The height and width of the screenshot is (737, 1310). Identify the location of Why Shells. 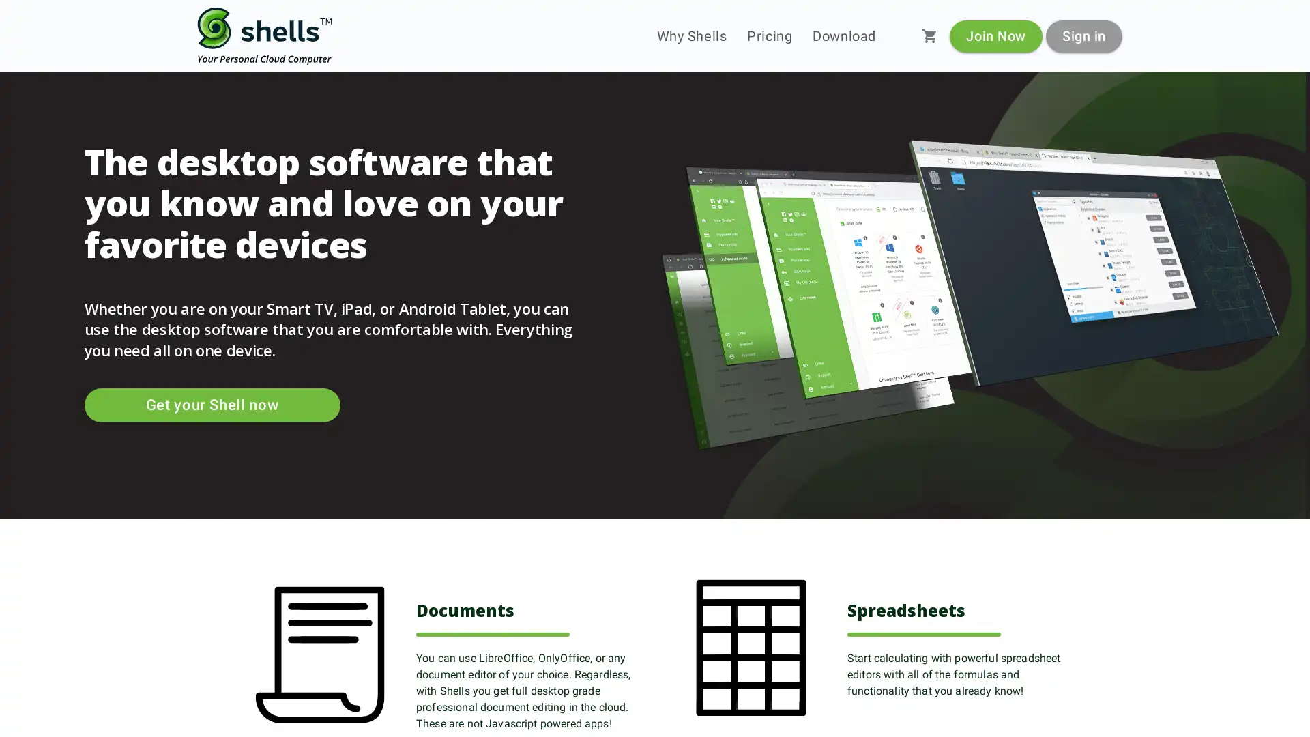
(691, 35).